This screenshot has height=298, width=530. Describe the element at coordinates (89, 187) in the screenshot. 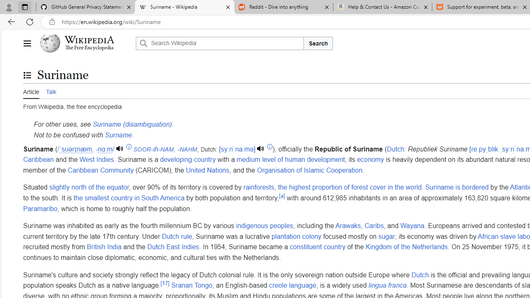

I see `'slightly north of the equator'` at that location.